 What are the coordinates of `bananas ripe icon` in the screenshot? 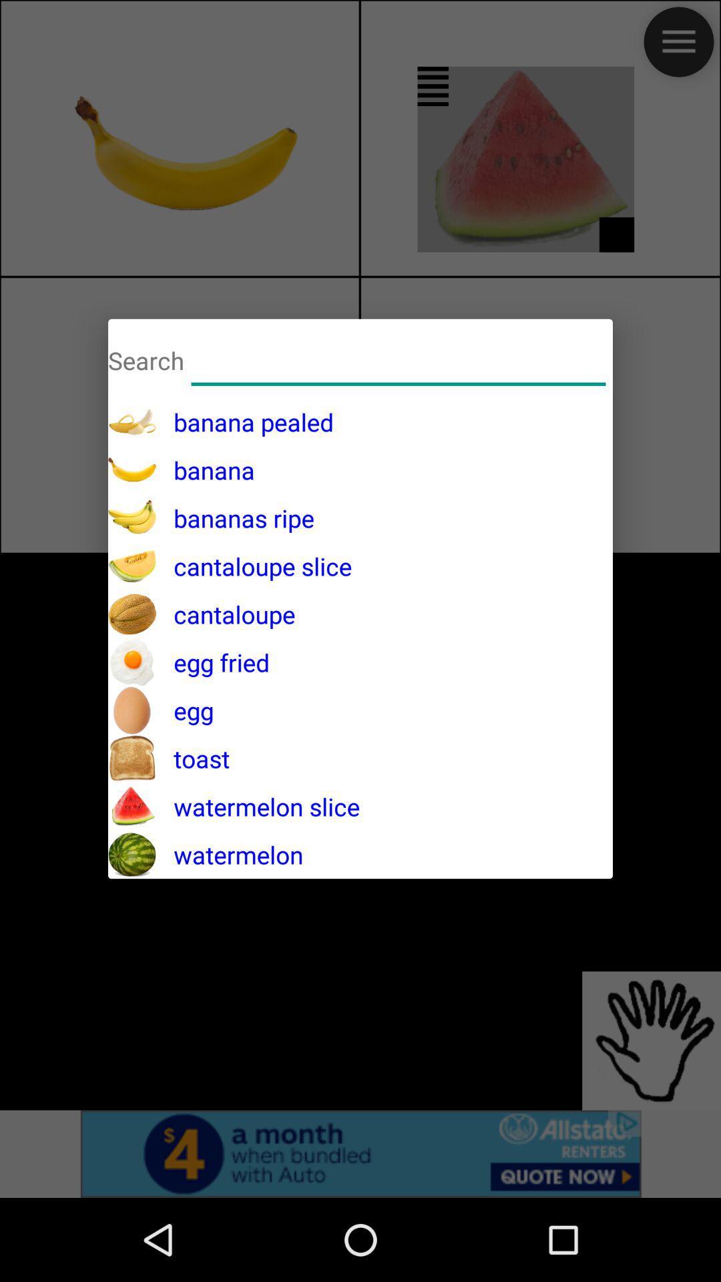 It's located at (234, 517).